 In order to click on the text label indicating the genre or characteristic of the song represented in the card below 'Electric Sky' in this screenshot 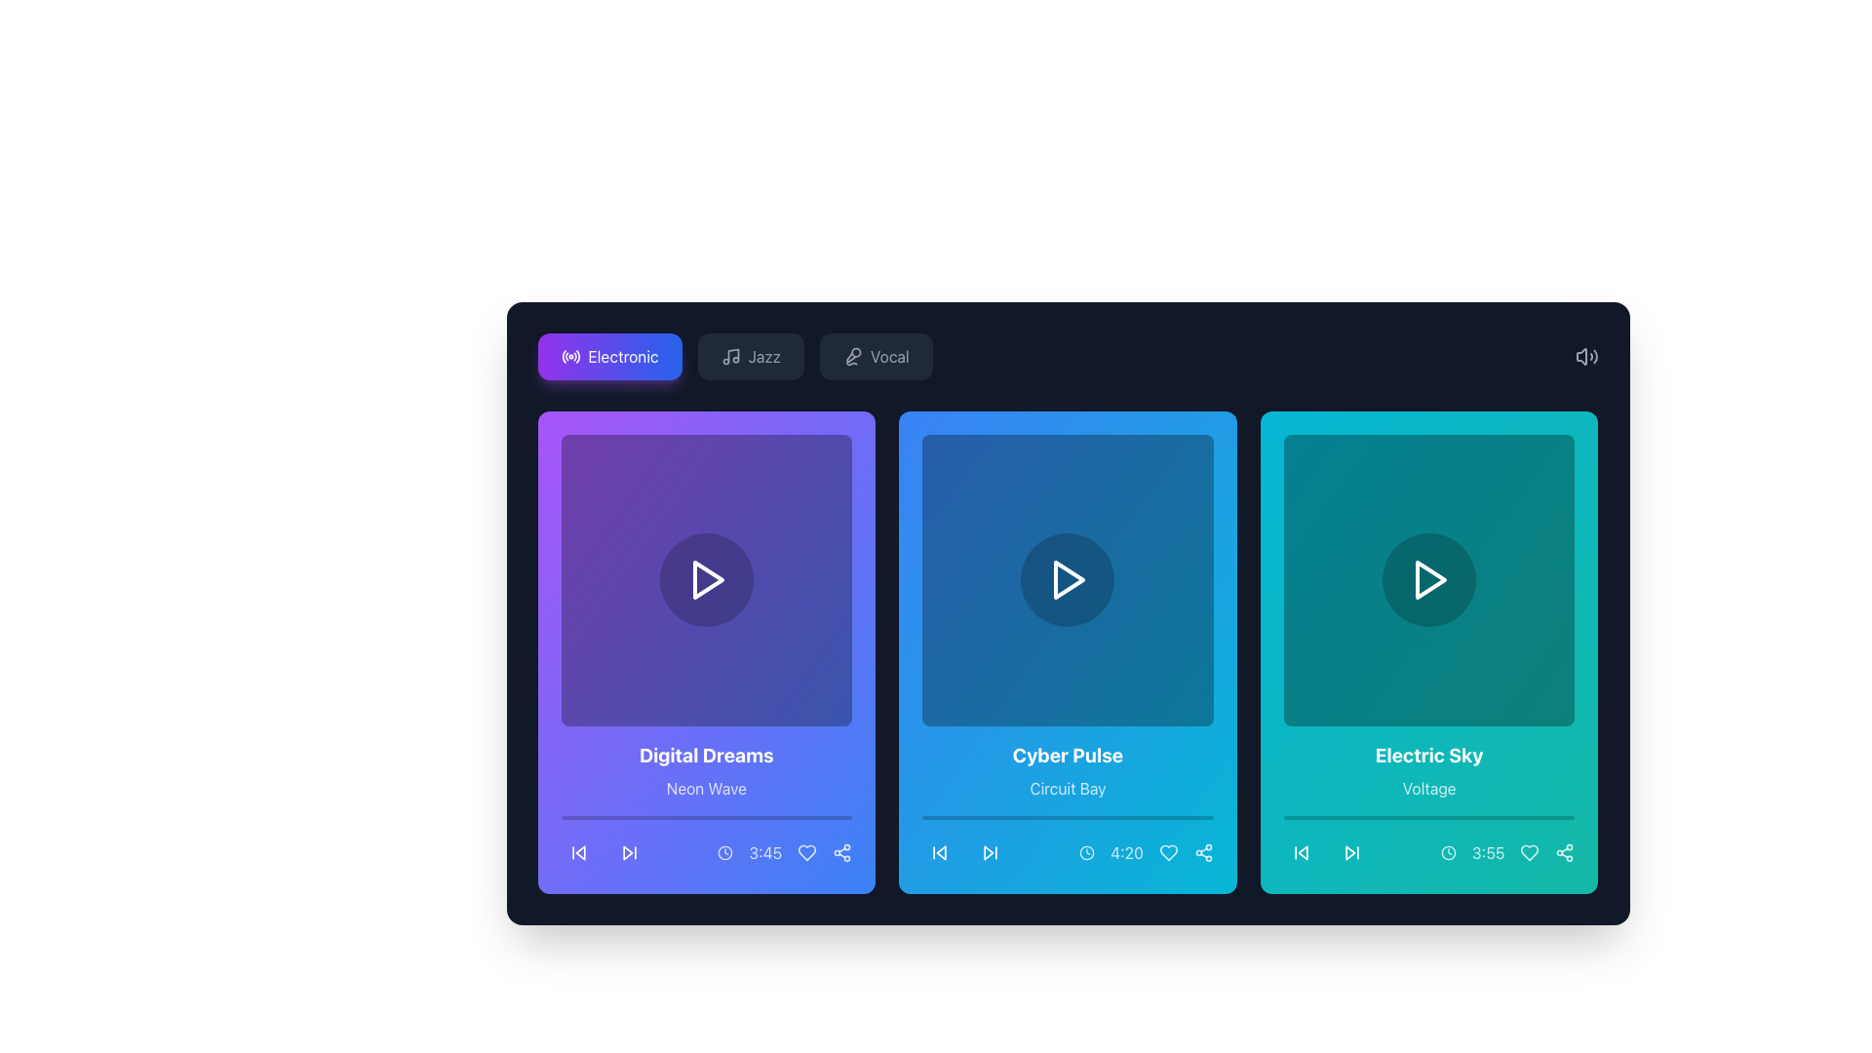, I will do `click(1429, 787)`.